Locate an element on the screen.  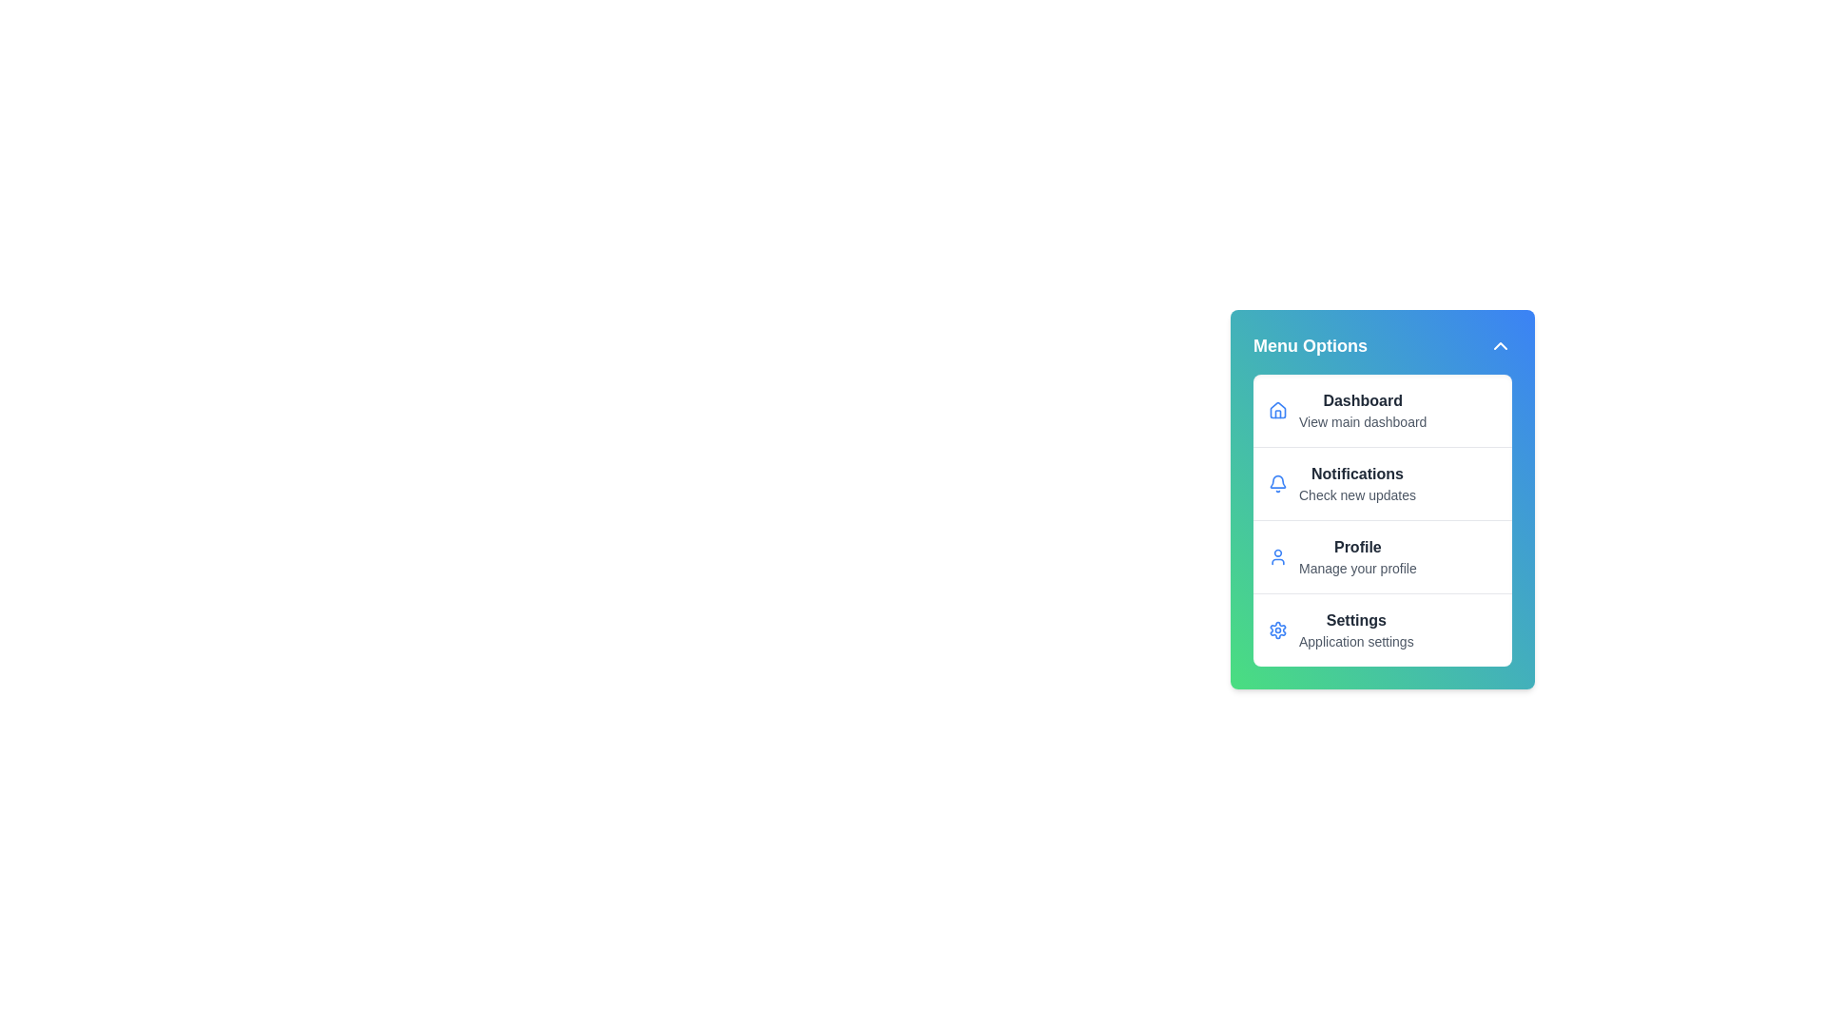
the chevron icon to toggle the menu is located at coordinates (1500, 345).